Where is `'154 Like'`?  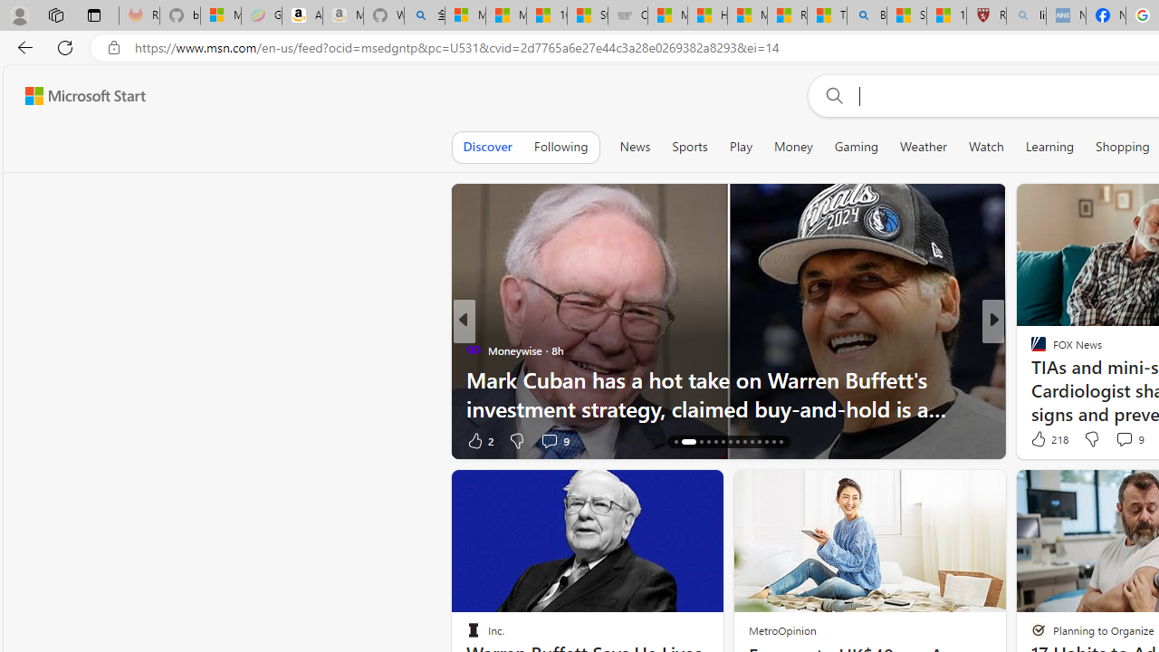 '154 Like' is located at coordinates (1043, 440).